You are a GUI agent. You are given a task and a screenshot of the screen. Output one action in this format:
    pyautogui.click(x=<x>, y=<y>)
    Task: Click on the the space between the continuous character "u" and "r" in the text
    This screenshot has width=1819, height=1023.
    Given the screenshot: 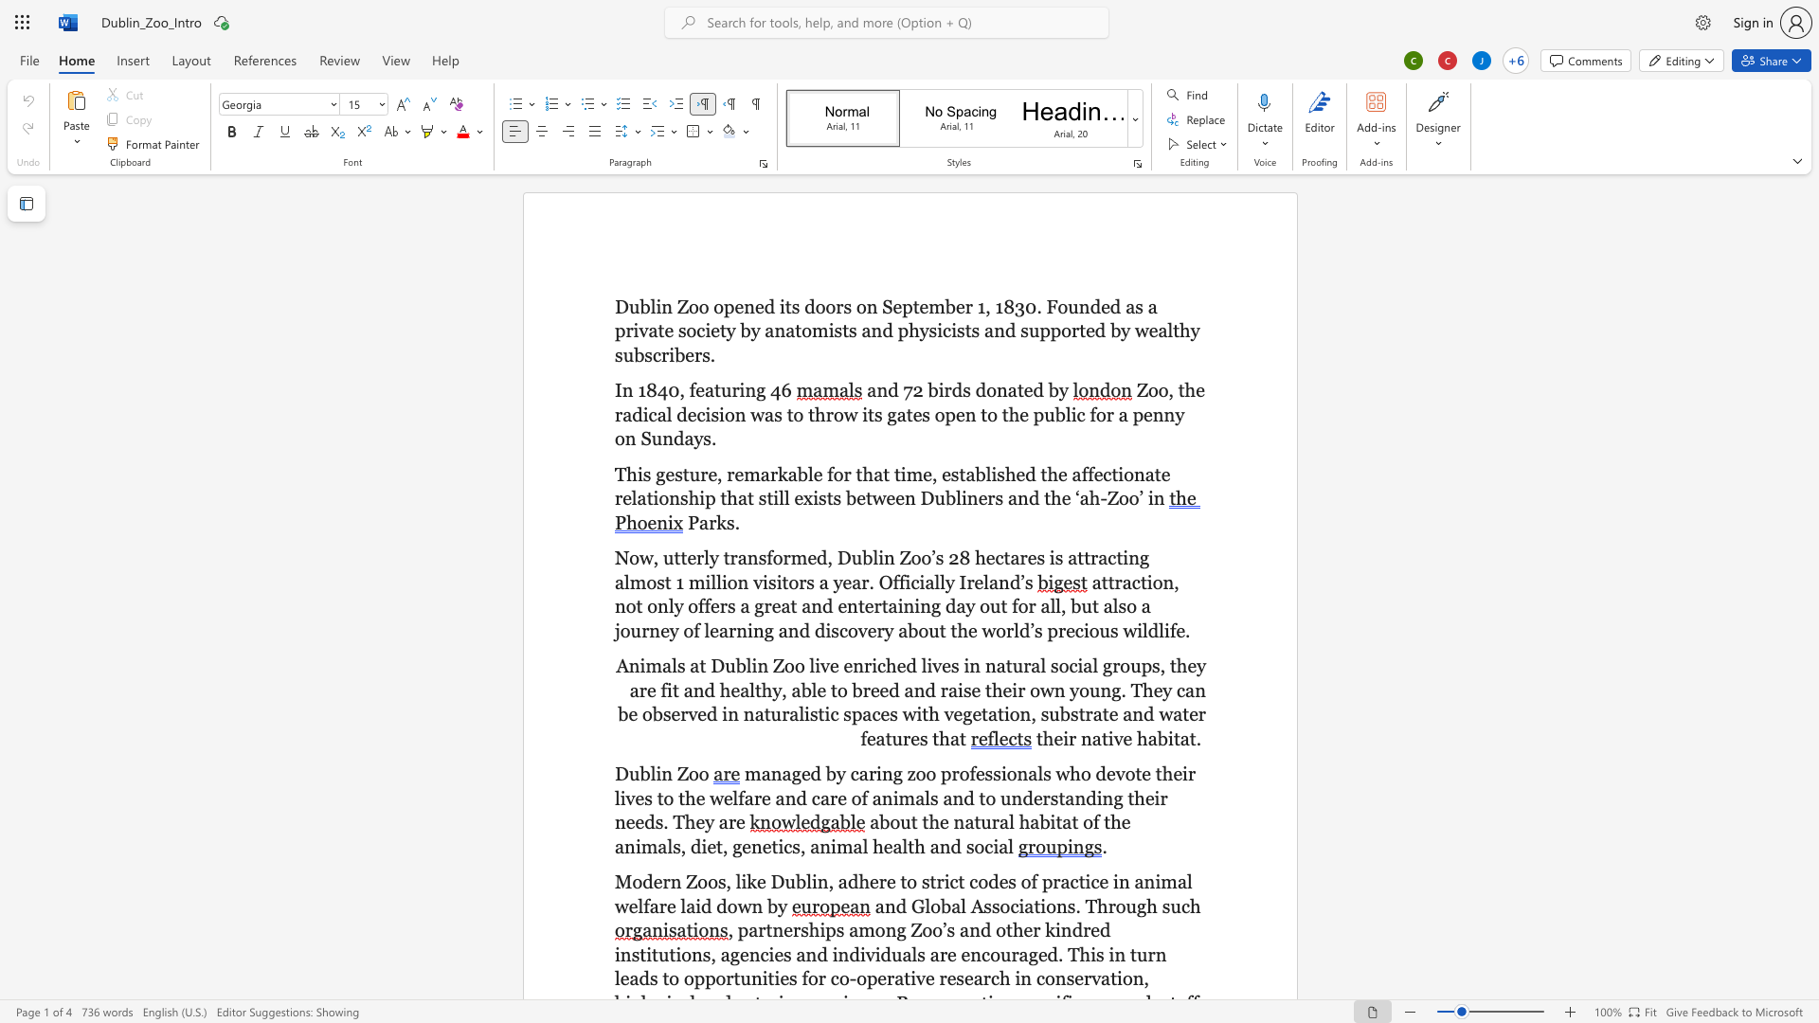 What is the action you would take?
    pyautogui.click(x=729, y=389)
    